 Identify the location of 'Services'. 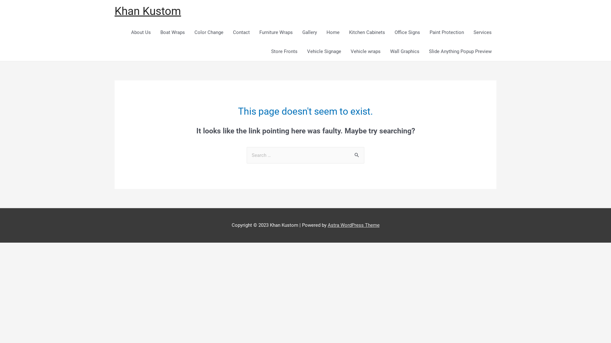
(482, 32).